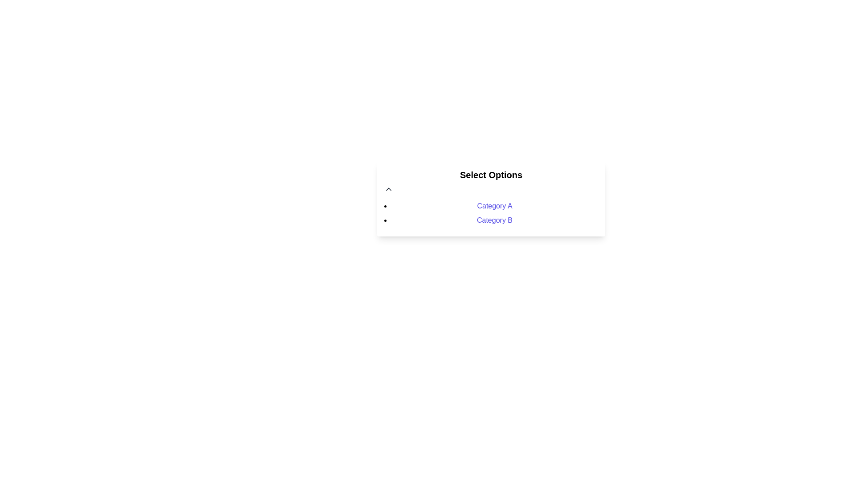 The image size is (855, 481). I want to click on the hyperlinked text labeled 'Category B' in the list, so click(494, 220).